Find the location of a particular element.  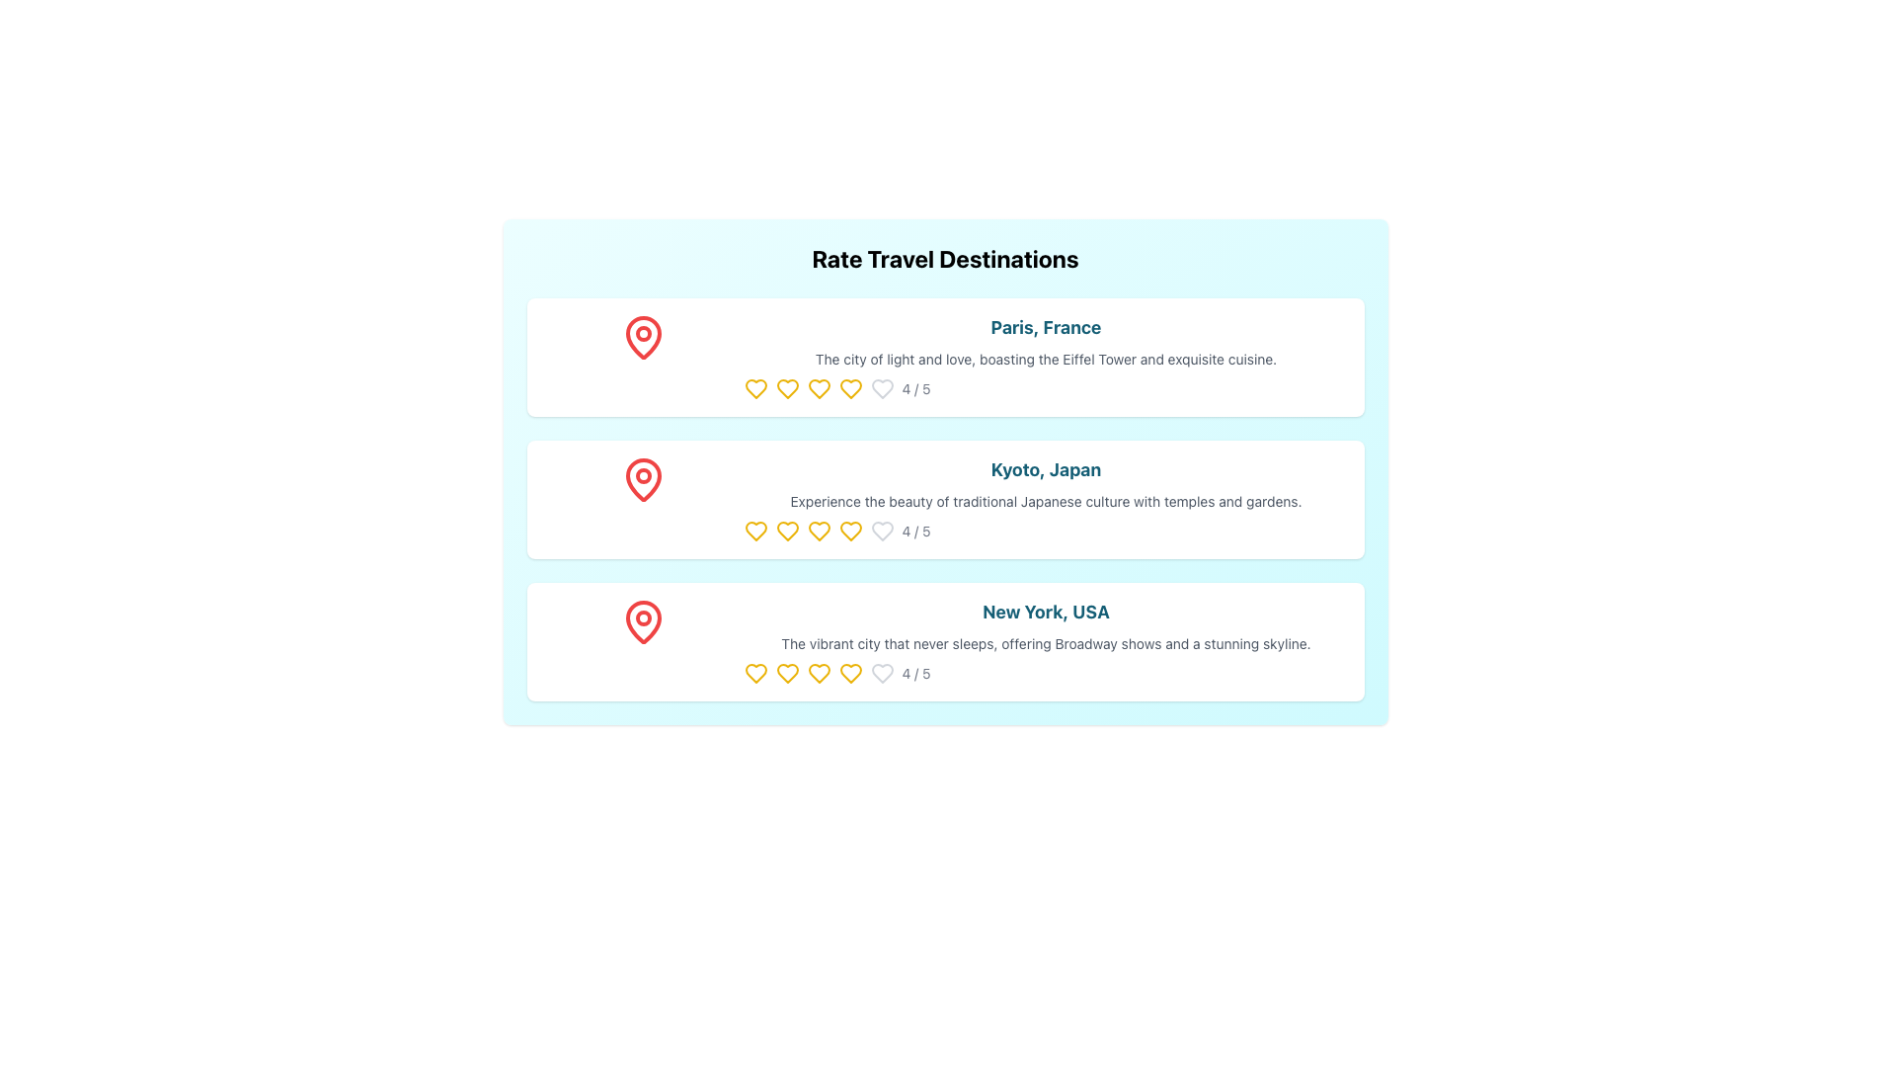

the red location pin icon in the third section labeled 'New York, USA' which serves as a visual anchor for the city information is located at coordinates (643, 642).